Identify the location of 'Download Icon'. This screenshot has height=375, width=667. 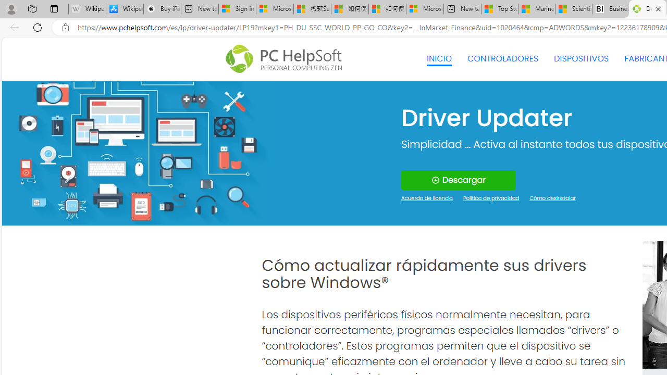
(435, 180).